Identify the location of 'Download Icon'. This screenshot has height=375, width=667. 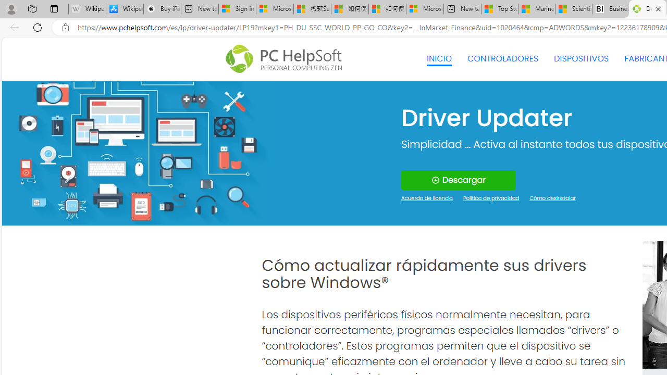
(435, 180).